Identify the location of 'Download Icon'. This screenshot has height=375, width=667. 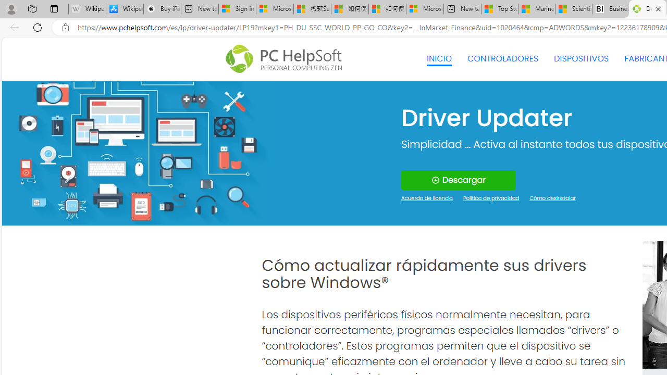
(435, 180).